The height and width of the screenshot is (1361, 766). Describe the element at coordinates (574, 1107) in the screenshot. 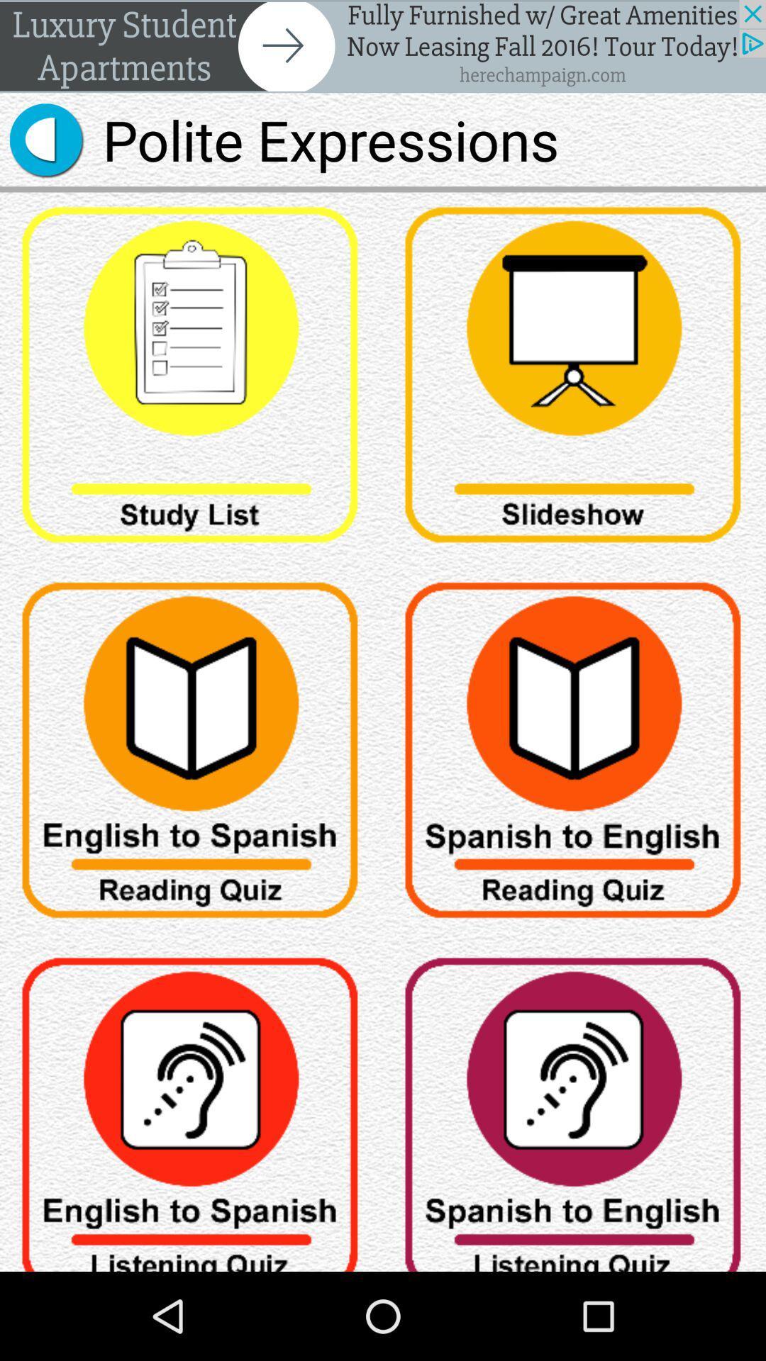

I see `translating a language` at that location.